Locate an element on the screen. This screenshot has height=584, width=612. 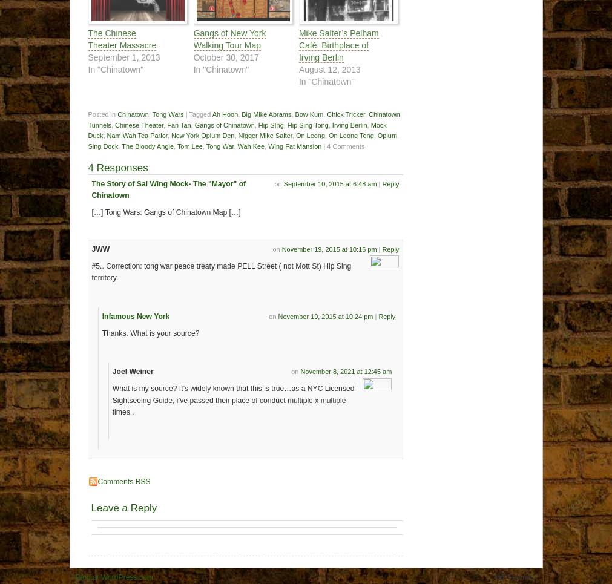
'Nigger Mike Salter' is located at coordinates (264, 134).